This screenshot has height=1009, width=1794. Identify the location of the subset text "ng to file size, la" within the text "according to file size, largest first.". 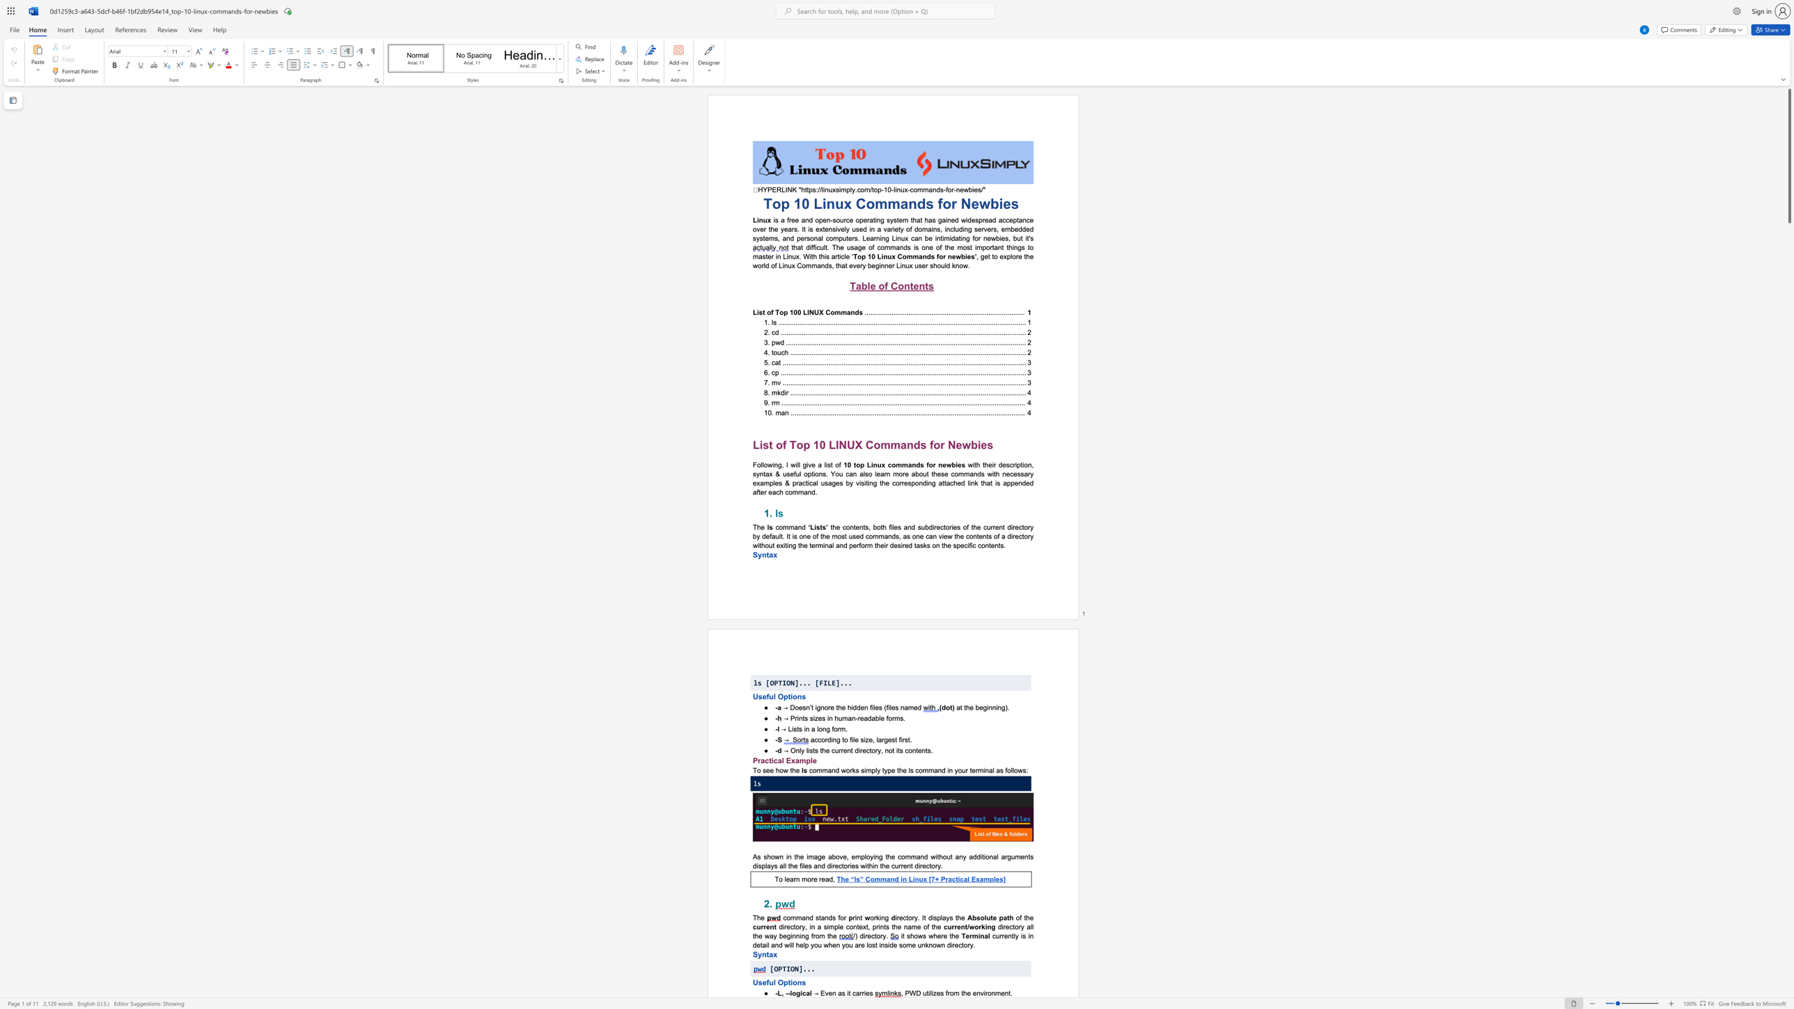
(832, 739).